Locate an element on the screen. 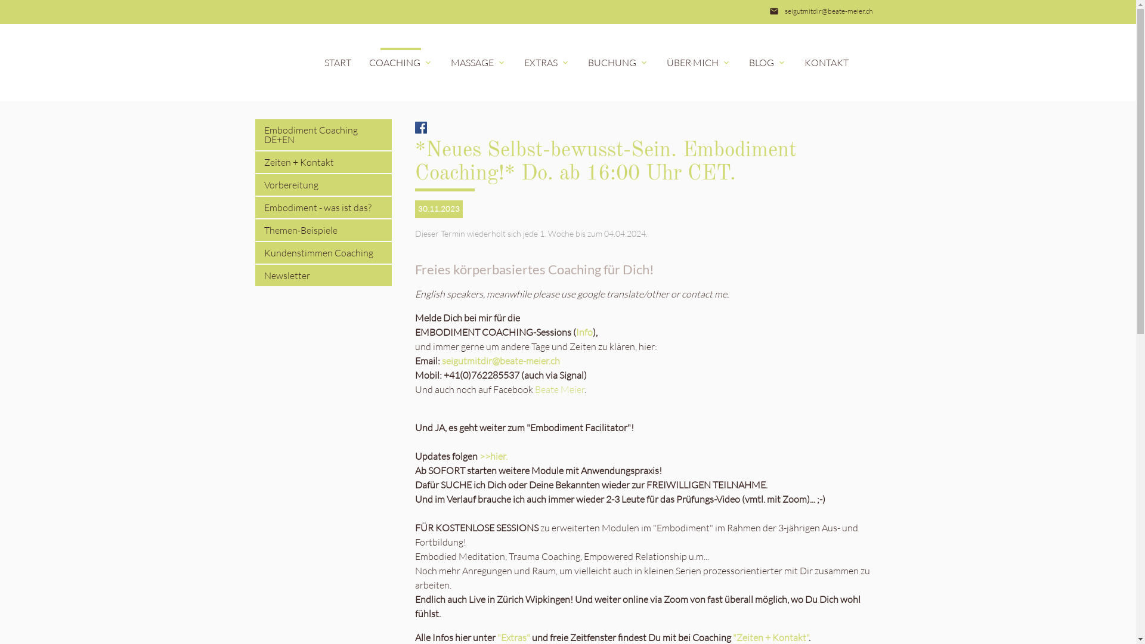  'EXTRAS is located at coordinates (515, 62).